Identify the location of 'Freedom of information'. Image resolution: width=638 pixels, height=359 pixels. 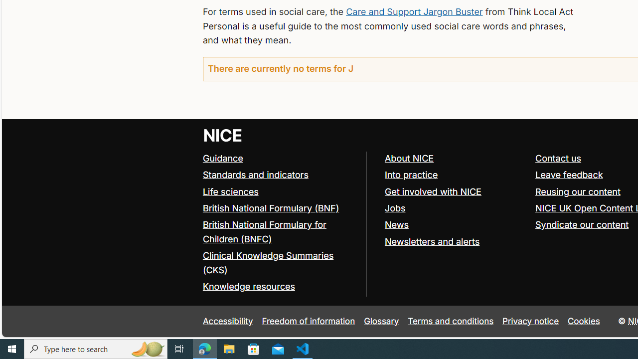
(308, 321).